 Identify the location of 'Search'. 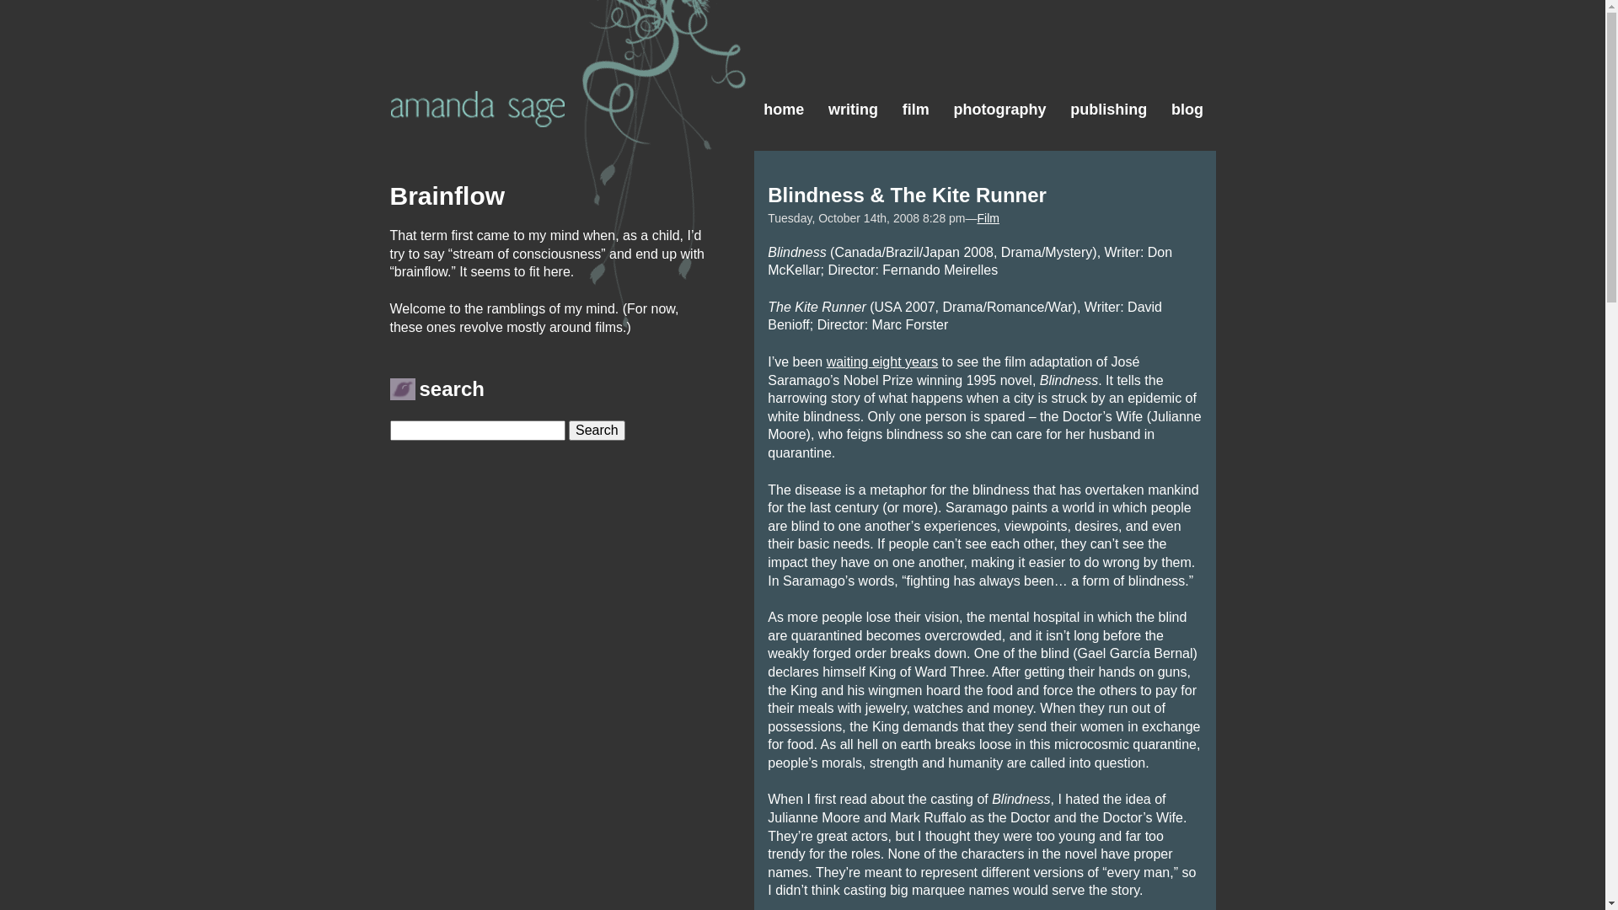
(569, 429).